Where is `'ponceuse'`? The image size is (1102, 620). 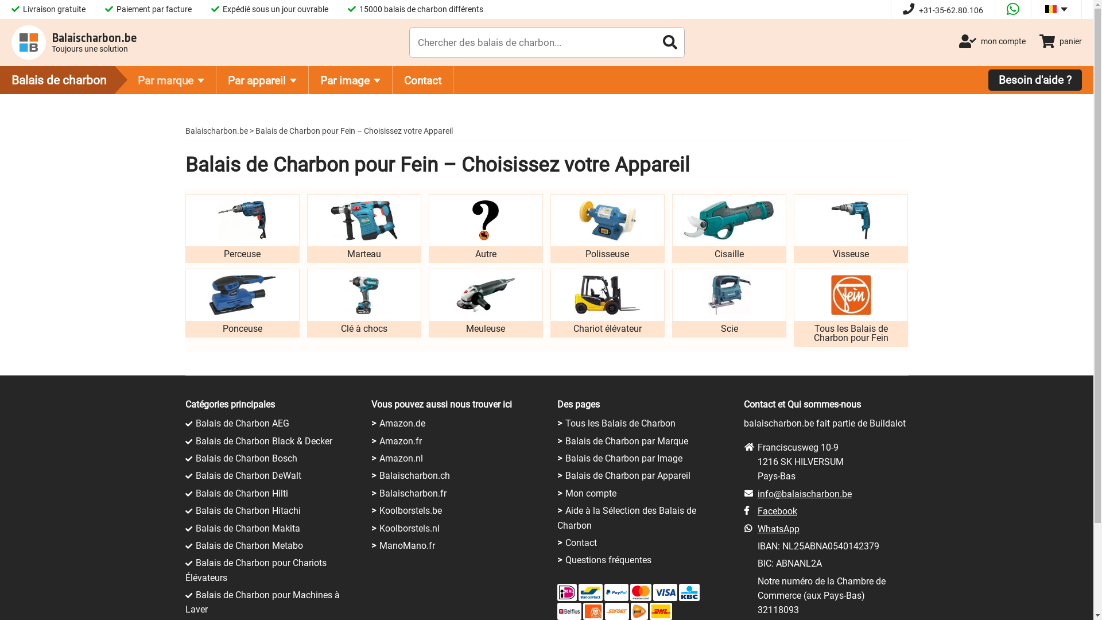
'ponceuse' is located at coordinates (242, 294).